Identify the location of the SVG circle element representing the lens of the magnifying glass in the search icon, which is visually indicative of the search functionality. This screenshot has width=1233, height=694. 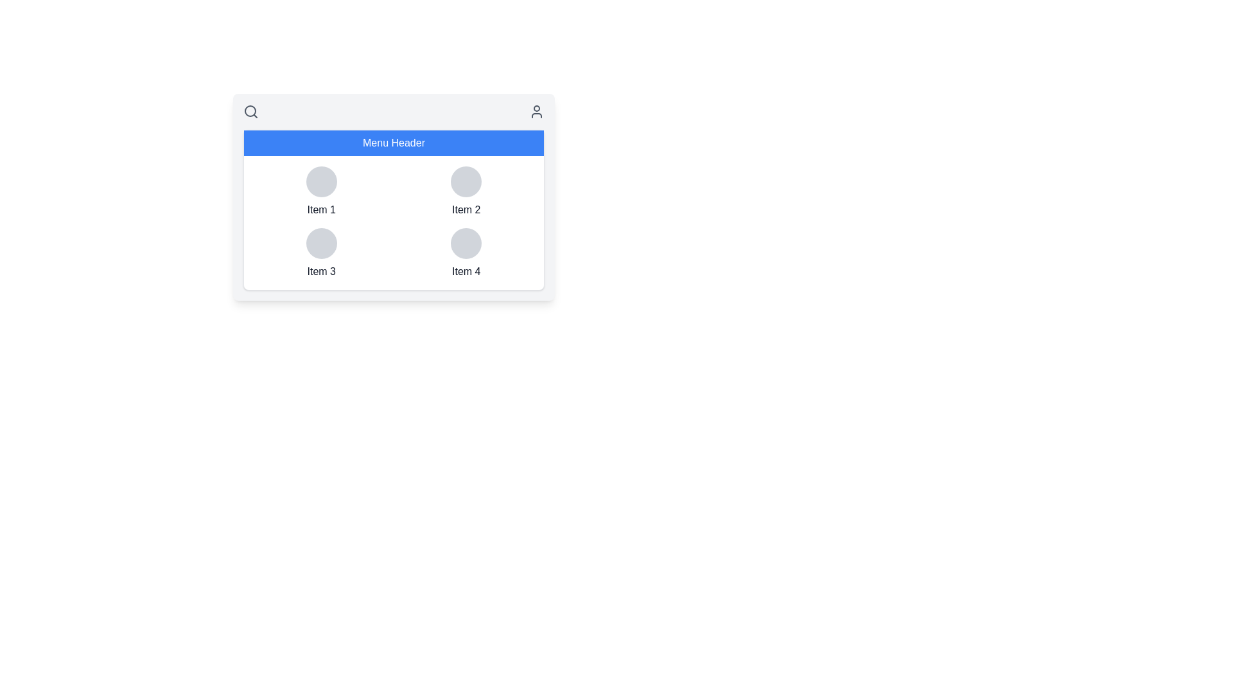
(250, 111).